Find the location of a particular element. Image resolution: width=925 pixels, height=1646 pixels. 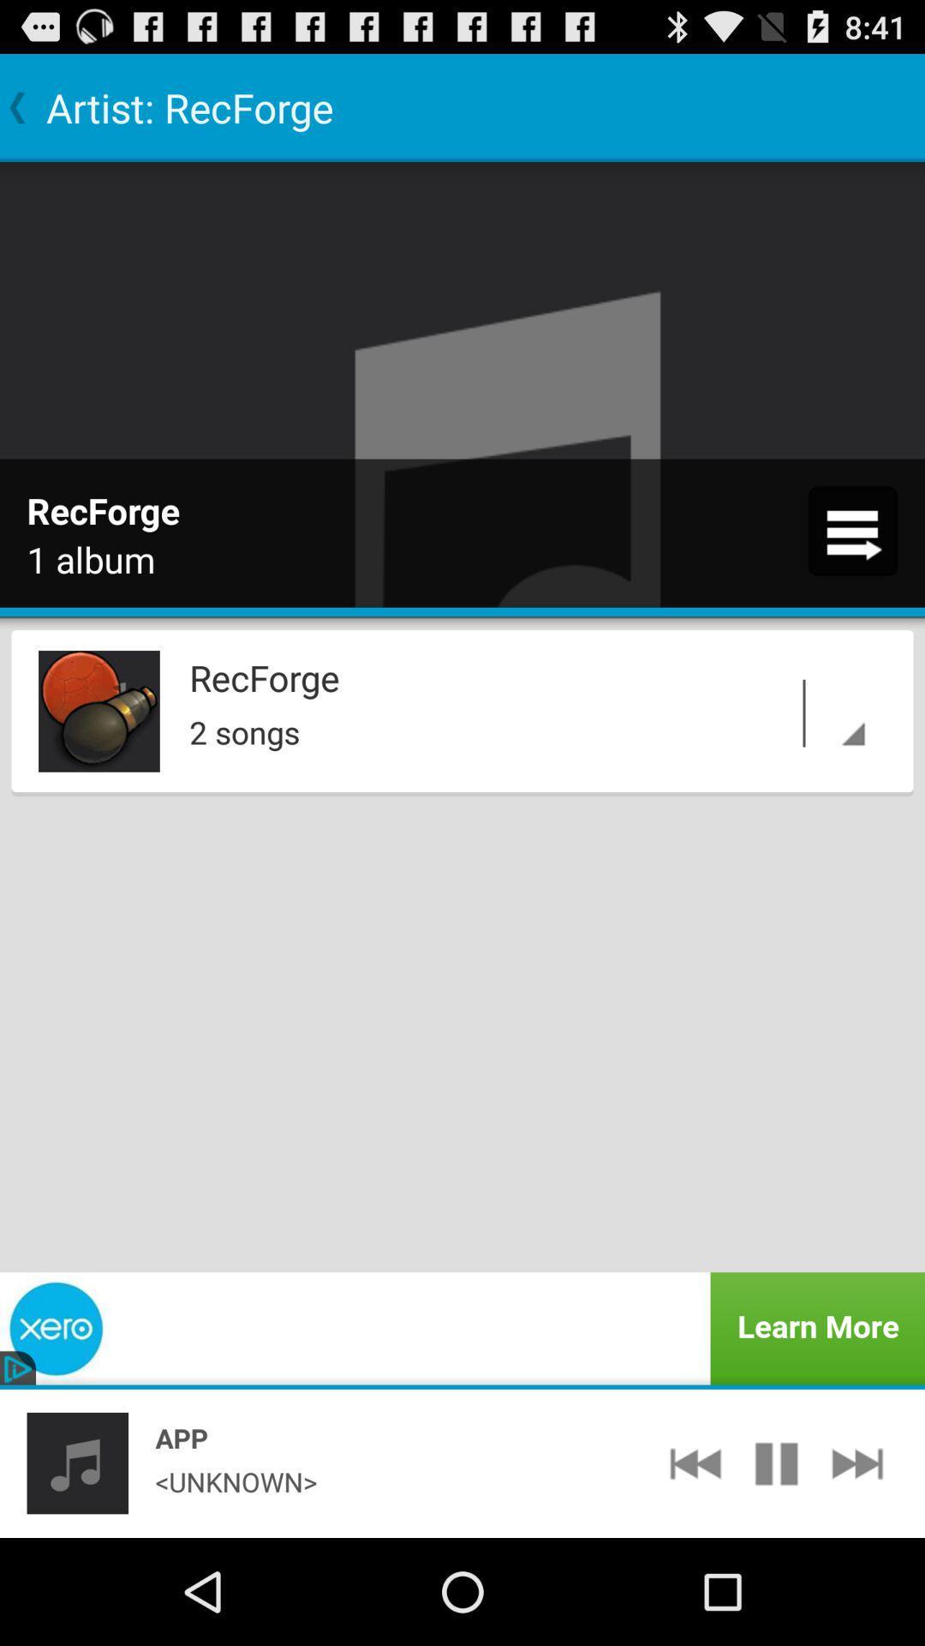

the icon next to <unknown> is located at coordinates (695, 1463).